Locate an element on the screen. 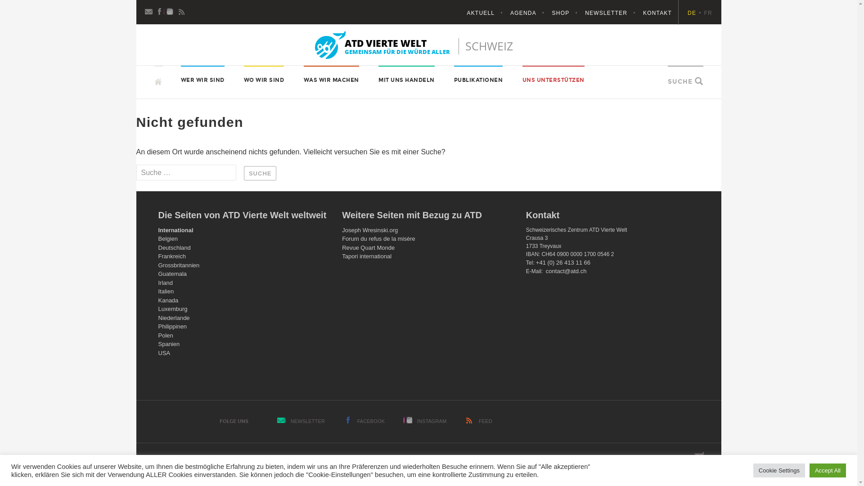  'PUBLIKATIONEN' is located at coordinates (478, 79).